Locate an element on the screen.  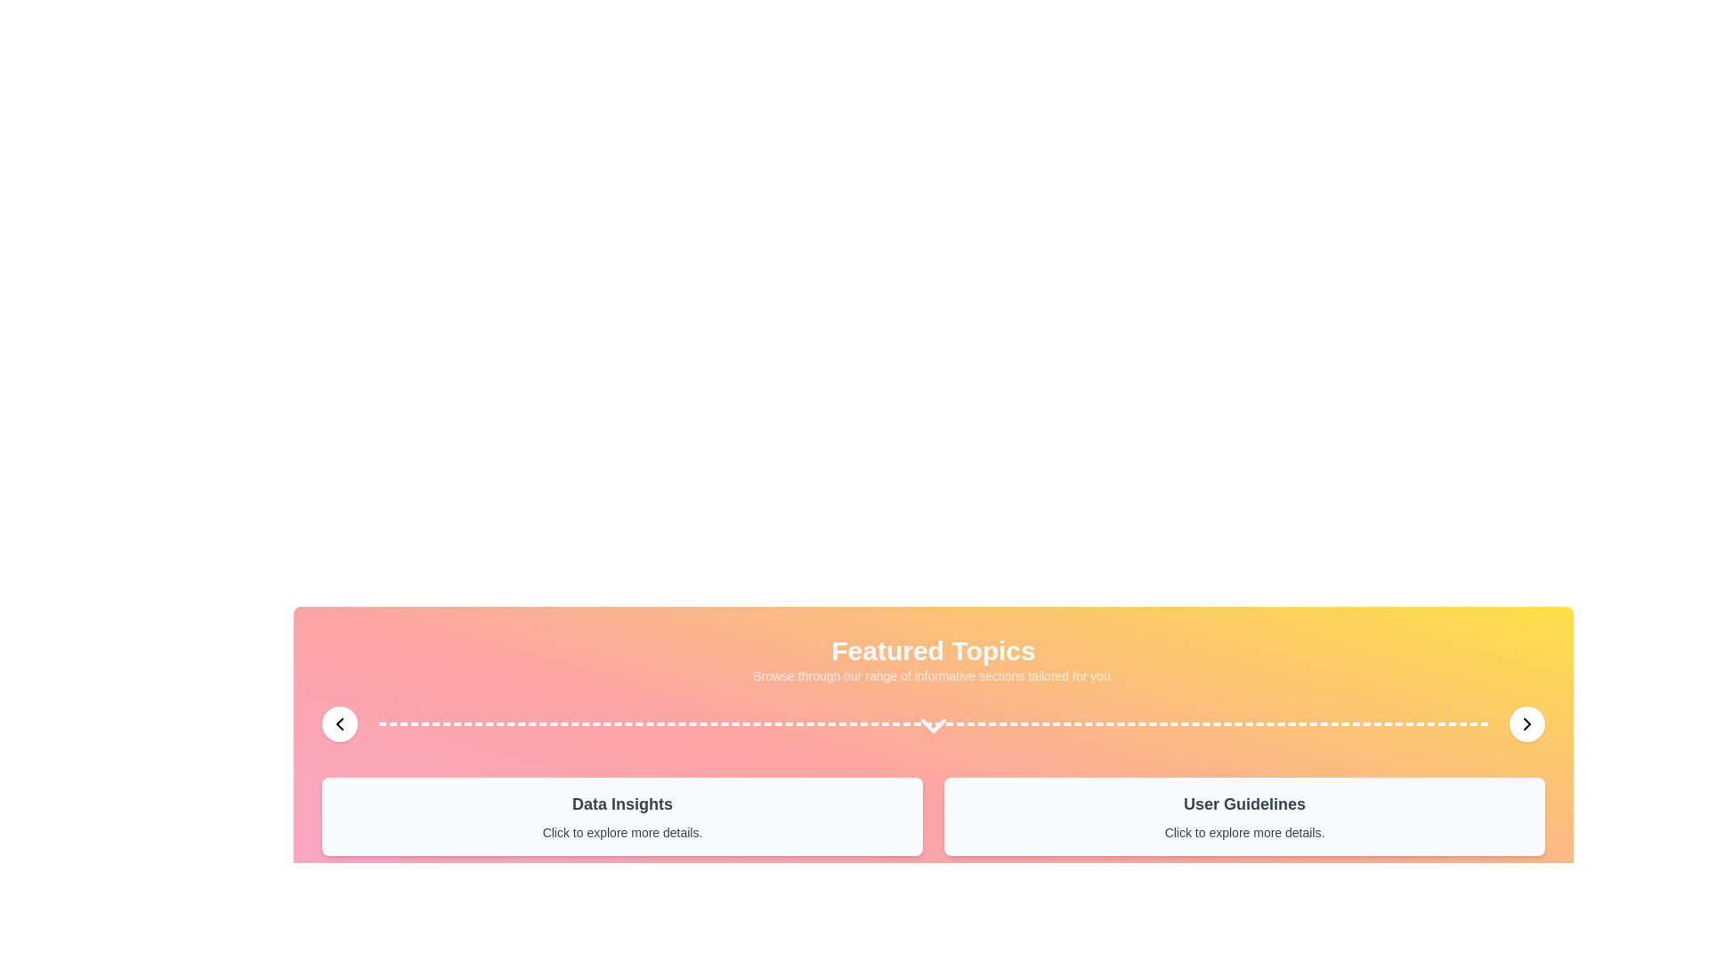
the left-facing chevron icon within the circular button is located at coordinates (340, 723).